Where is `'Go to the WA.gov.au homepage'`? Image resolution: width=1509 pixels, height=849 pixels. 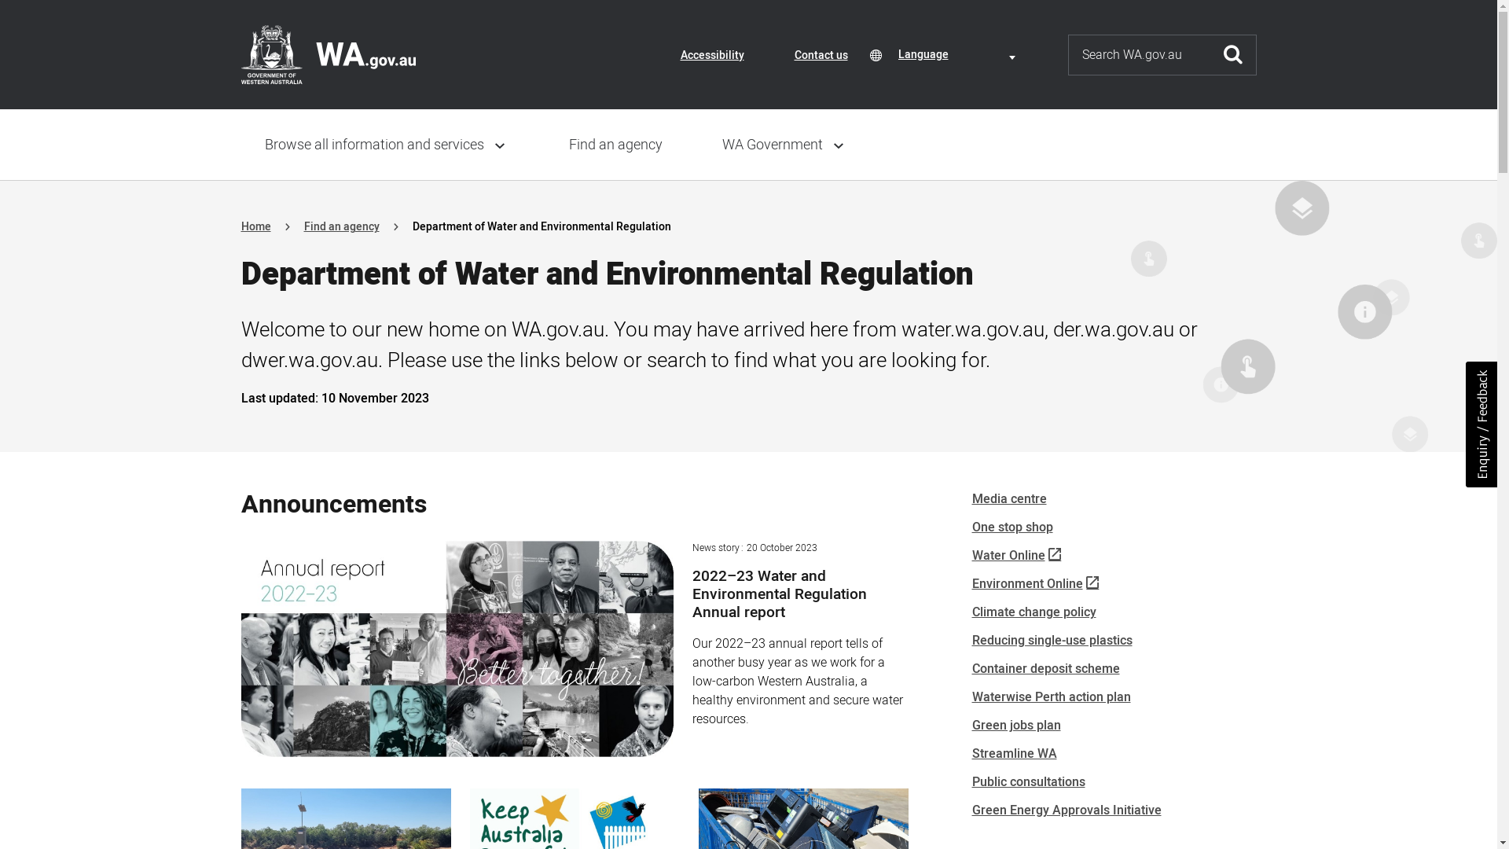 'Go to the WA.gov.au homepage' is located at coordinates (240, 53).